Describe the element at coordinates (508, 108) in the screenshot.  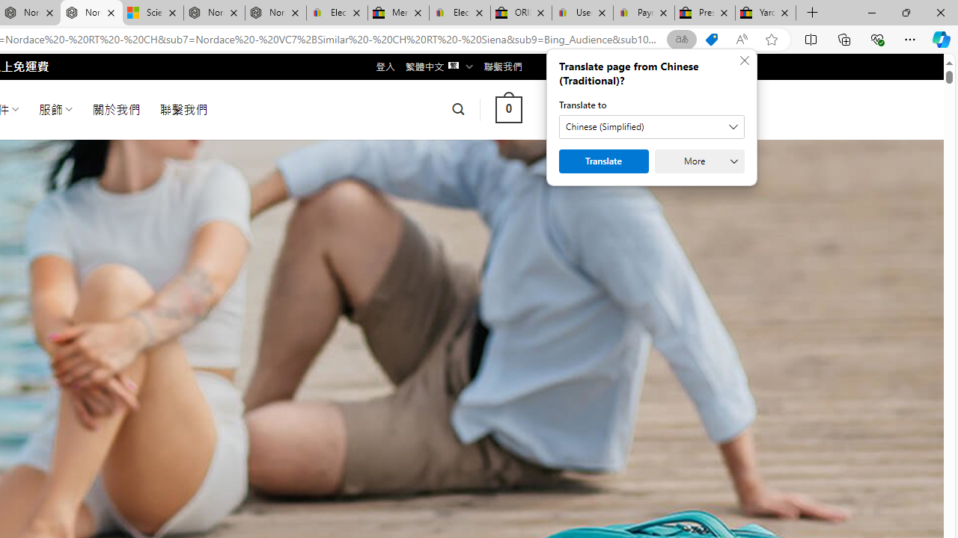
I see `' 0 '` at that location.